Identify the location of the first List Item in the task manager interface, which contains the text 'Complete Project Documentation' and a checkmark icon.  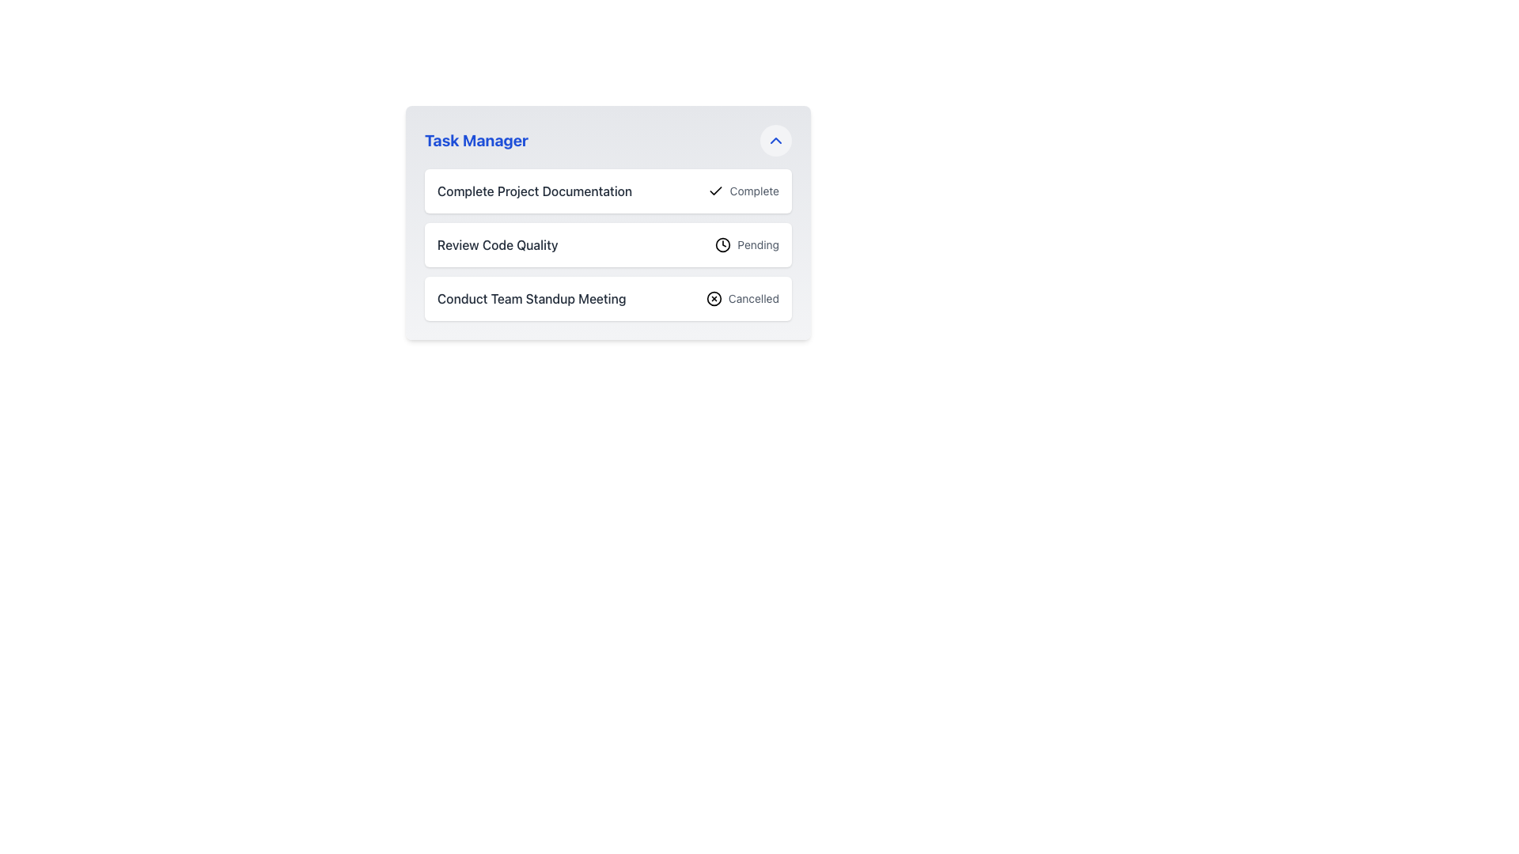
(607, 191).